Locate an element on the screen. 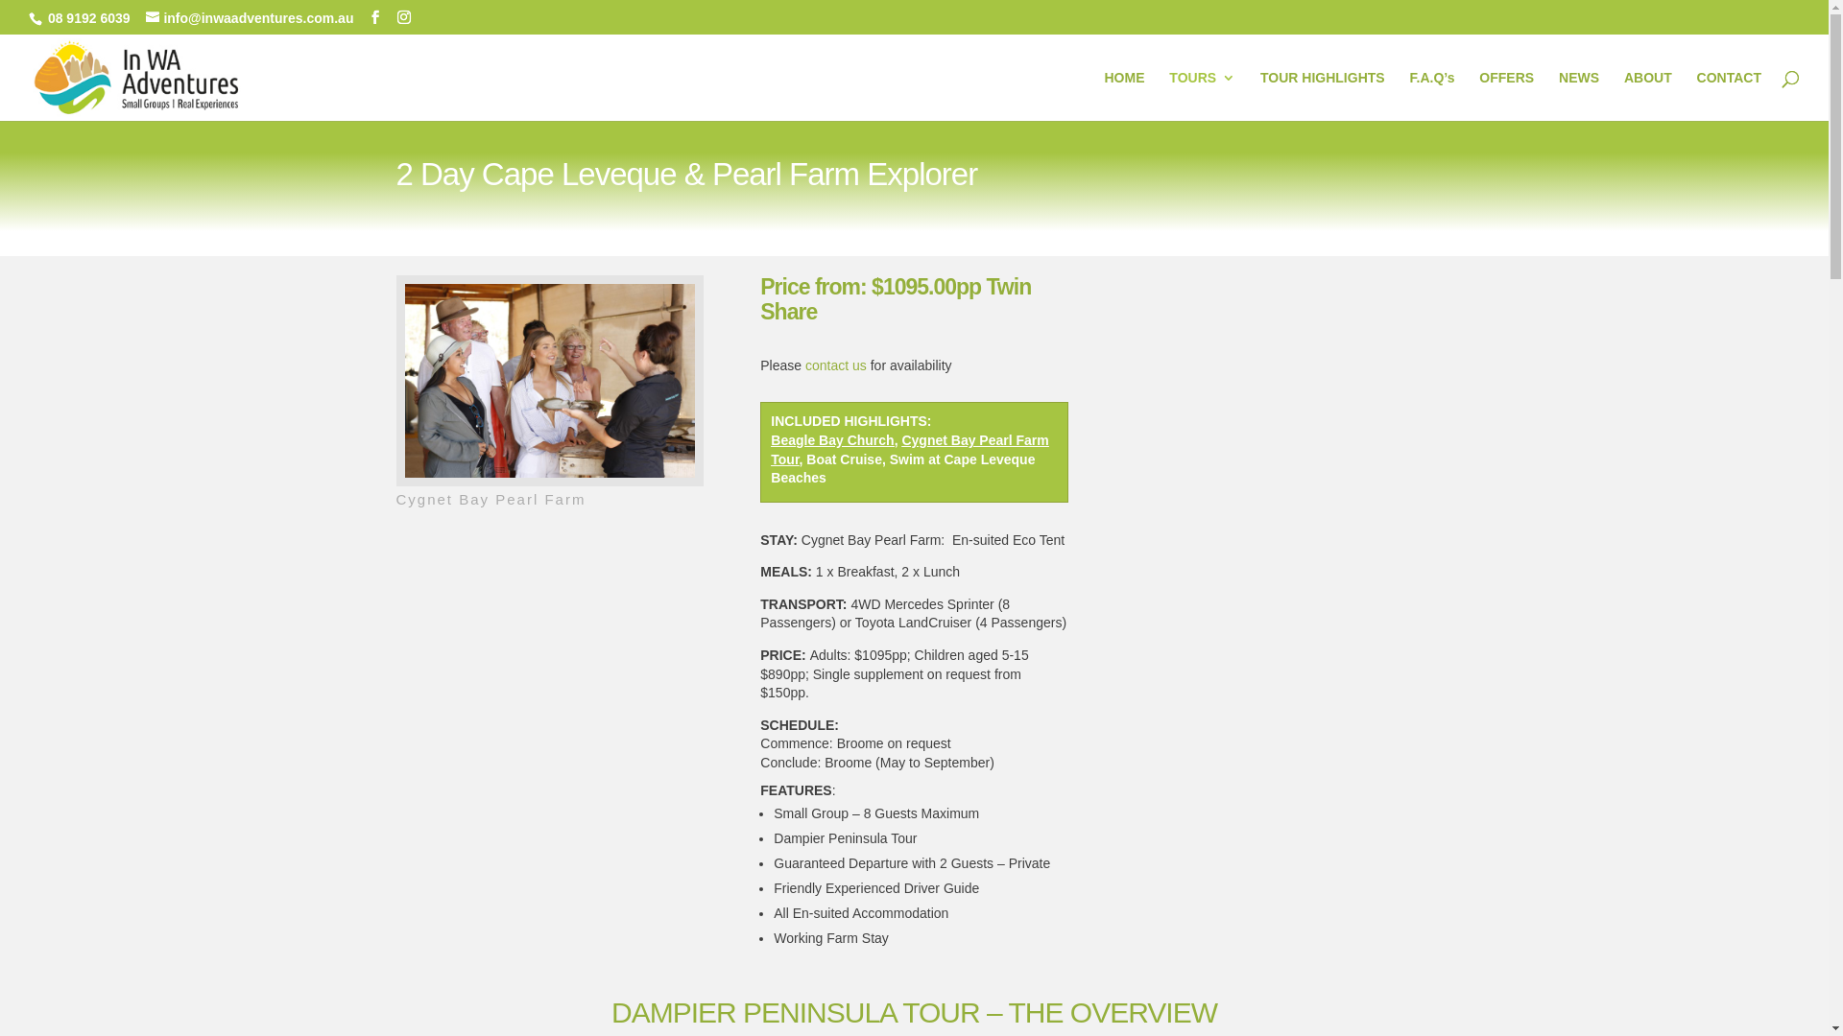 The image size is (1843, 1036). 'TOUR HIGHLIGHTS' is located at coordinates (1321, 96).